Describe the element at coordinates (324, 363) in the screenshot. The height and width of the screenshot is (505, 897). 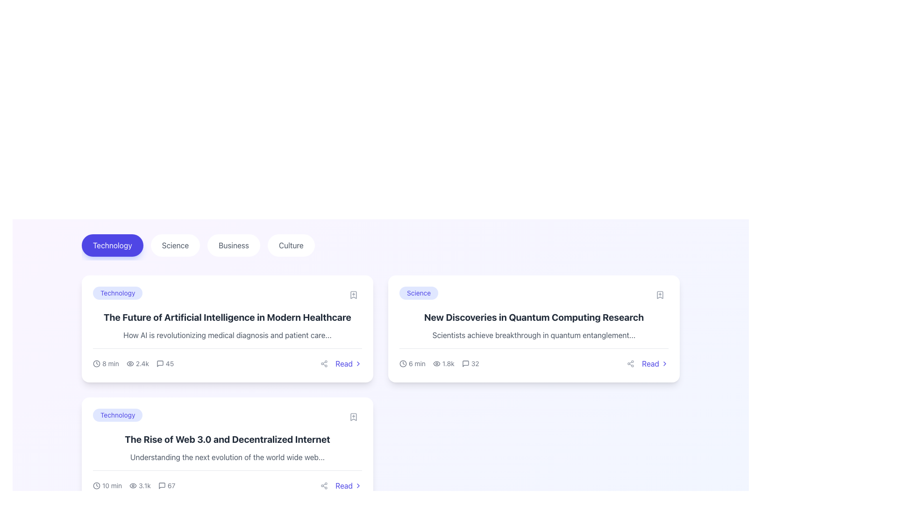
I see `the share button located under the headline 'The Future of Artificial Intelligence in Modern Healthcare', to the left of the 'Read' text link, to share the content` at that location.